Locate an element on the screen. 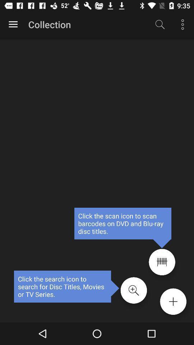  scan barcode is located at coordinates (162, 262).